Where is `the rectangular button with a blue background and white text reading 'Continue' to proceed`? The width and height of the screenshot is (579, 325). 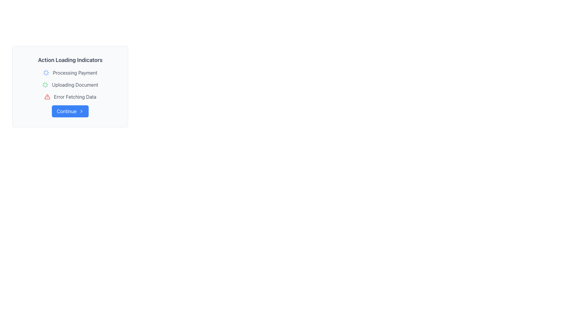 the rectangular button with a blue background and white text reading 'Continue' to proceed is located at coordinates (70, 111).